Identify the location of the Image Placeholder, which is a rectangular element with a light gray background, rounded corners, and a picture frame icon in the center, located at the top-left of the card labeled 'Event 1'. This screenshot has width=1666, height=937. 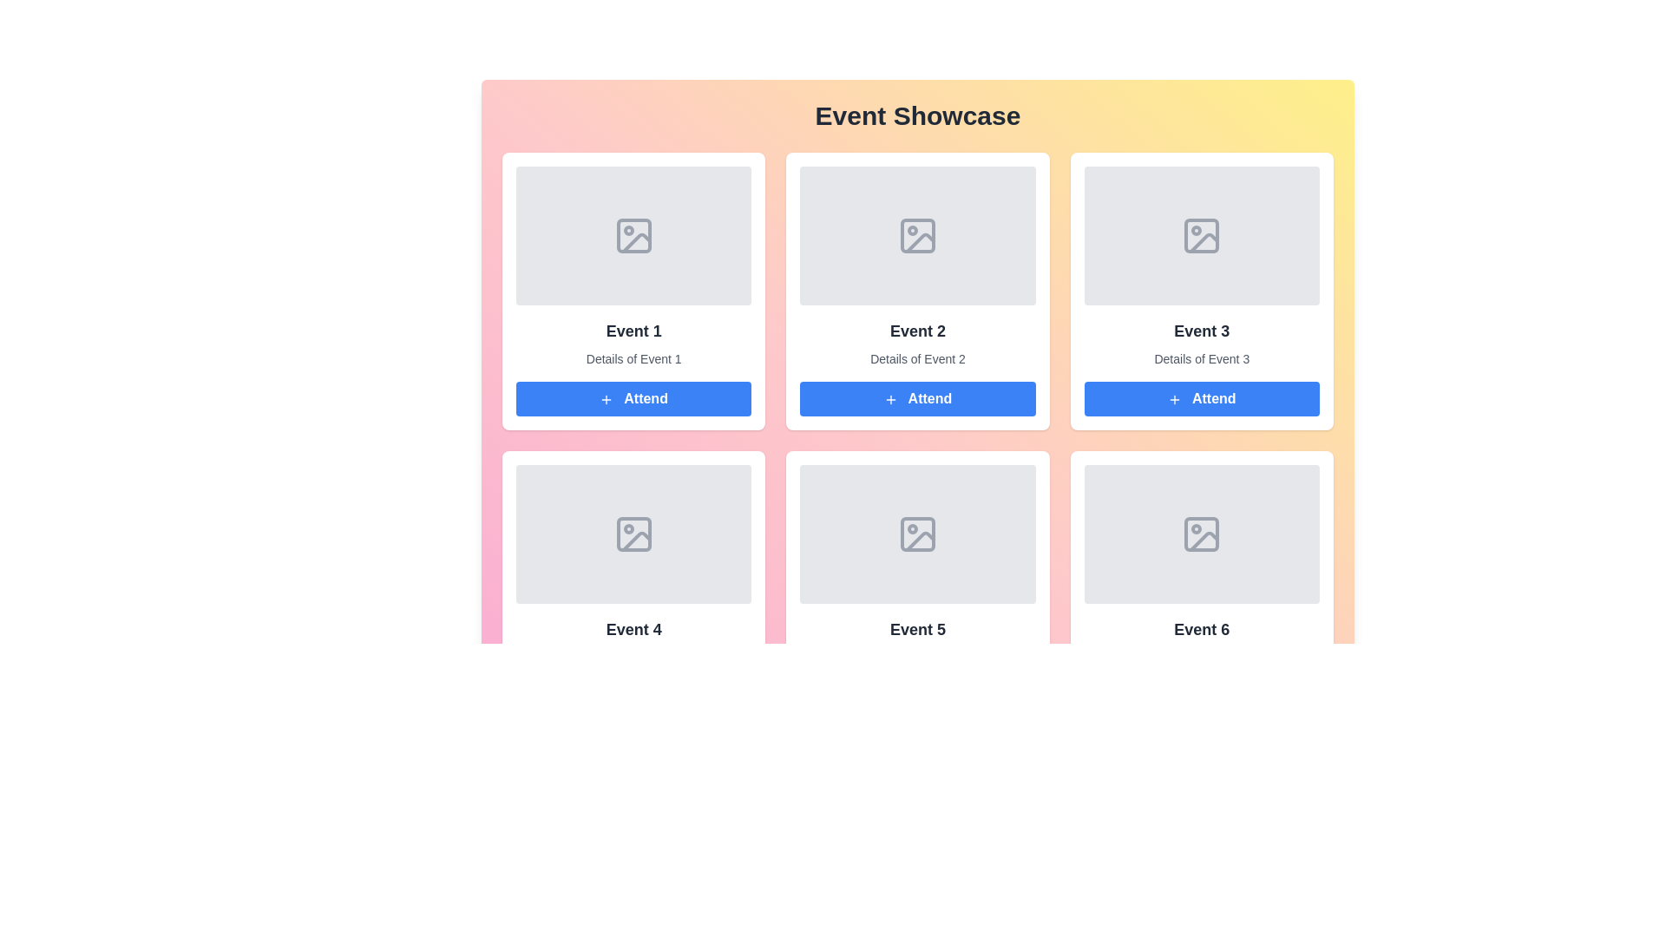
(633, 236).